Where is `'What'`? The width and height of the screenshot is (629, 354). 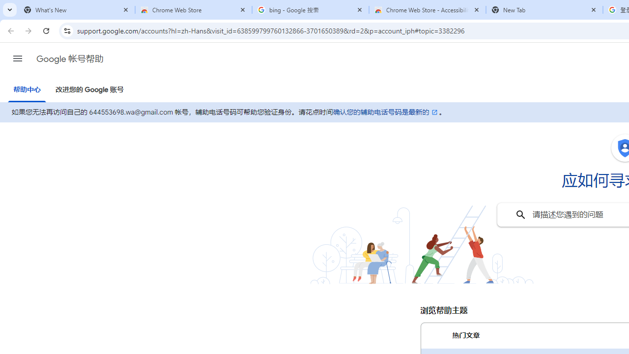
'What' is located at coordinates (76, 10).